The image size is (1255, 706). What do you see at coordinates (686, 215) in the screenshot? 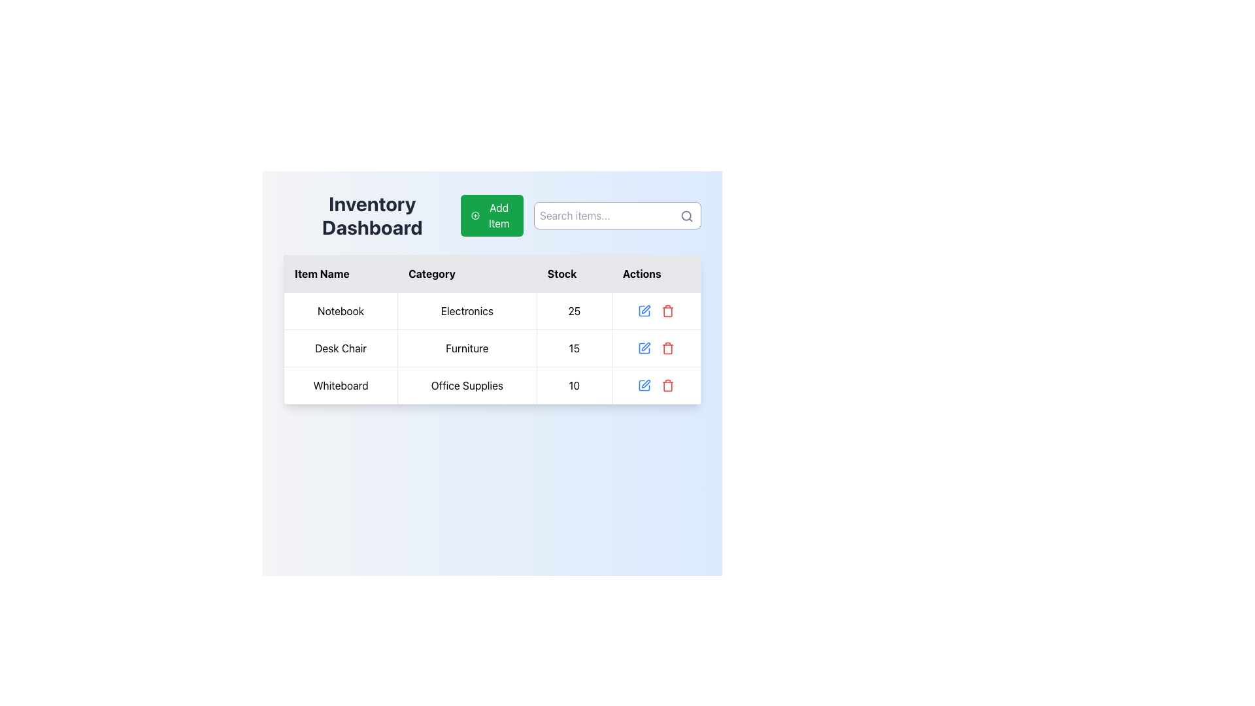
I see `the inner lens of the magnifying glass icon located at the top-right corner of the search bar` at bounding box center [686, 215].